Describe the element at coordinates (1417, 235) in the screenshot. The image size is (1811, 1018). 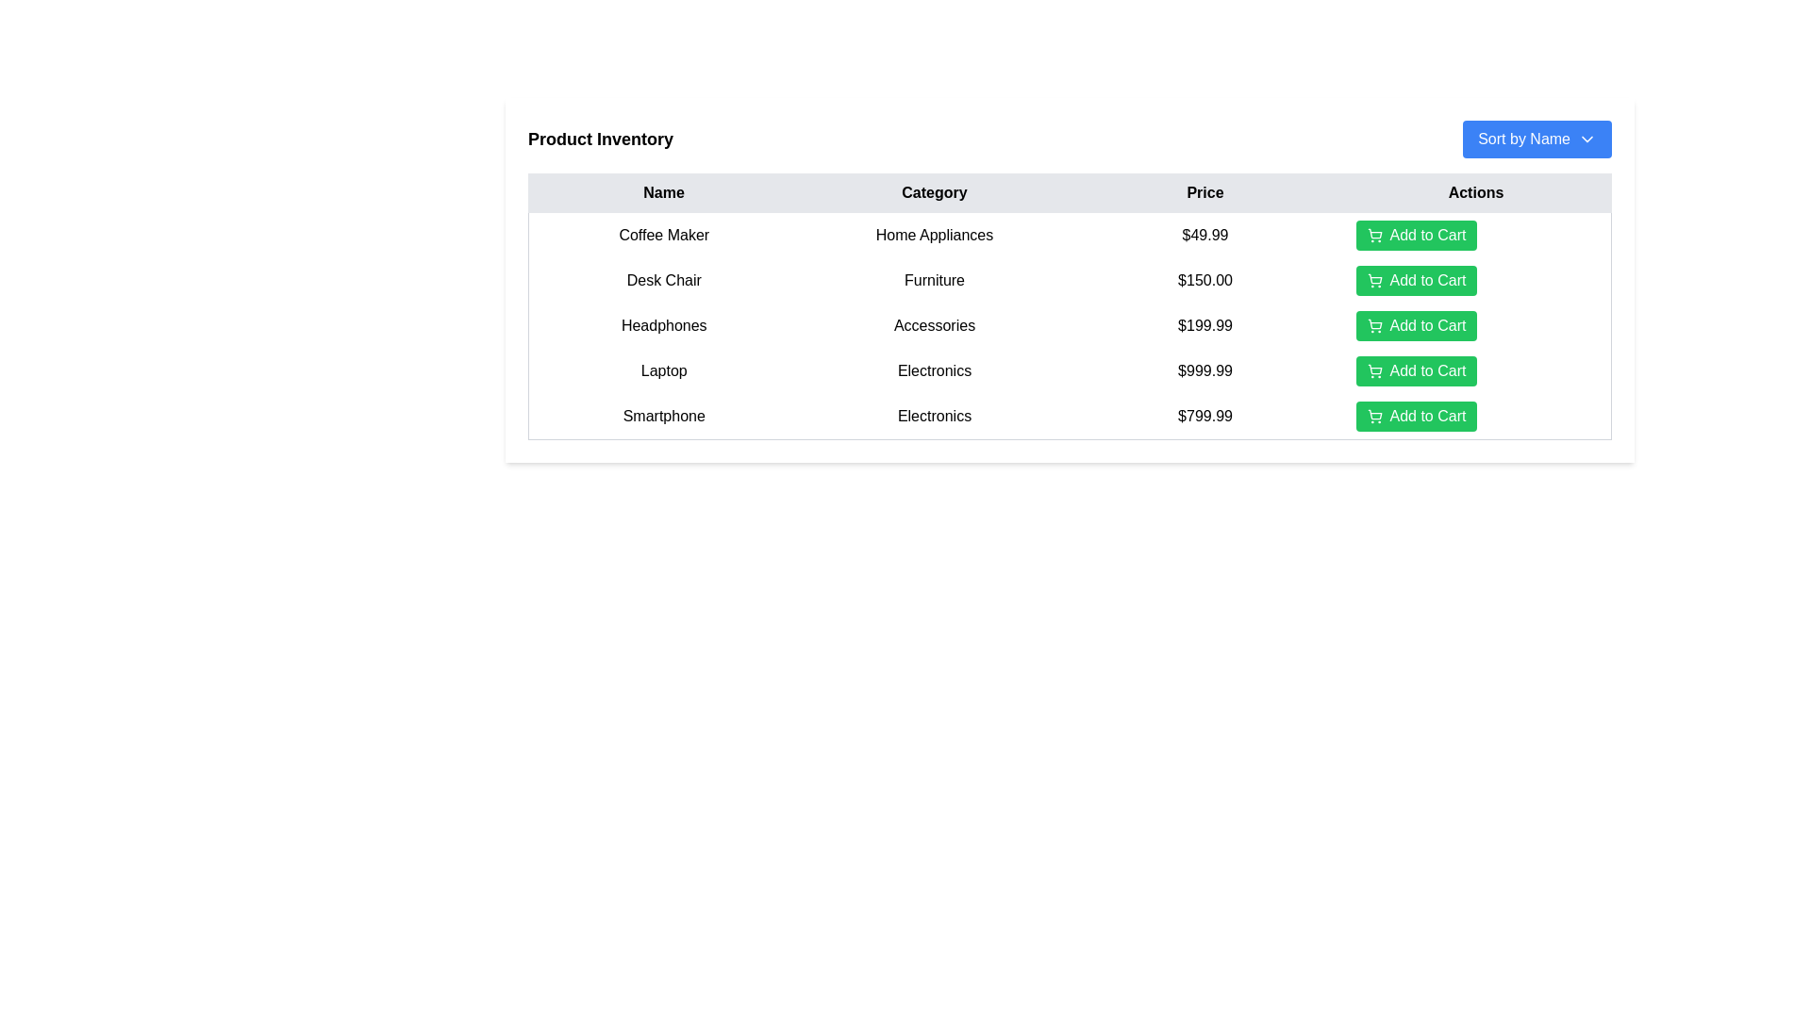
I see `the first button in the Actions column of the product table` at that location.